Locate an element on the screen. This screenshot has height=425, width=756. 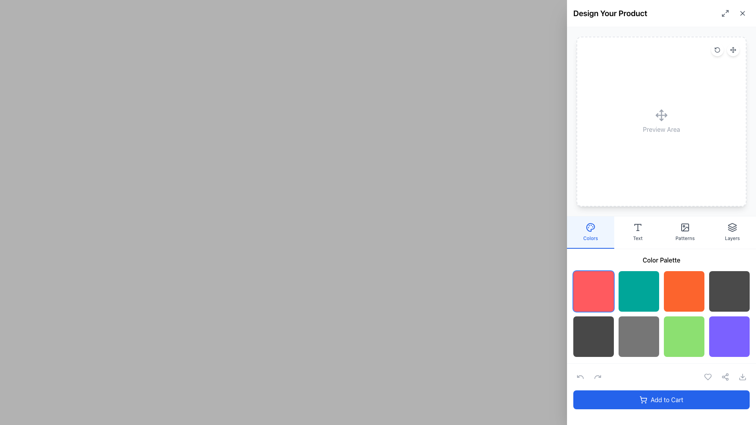
the reset or undo action button located at the upper-right corner of the preview area is located at coordinates (717, 50).